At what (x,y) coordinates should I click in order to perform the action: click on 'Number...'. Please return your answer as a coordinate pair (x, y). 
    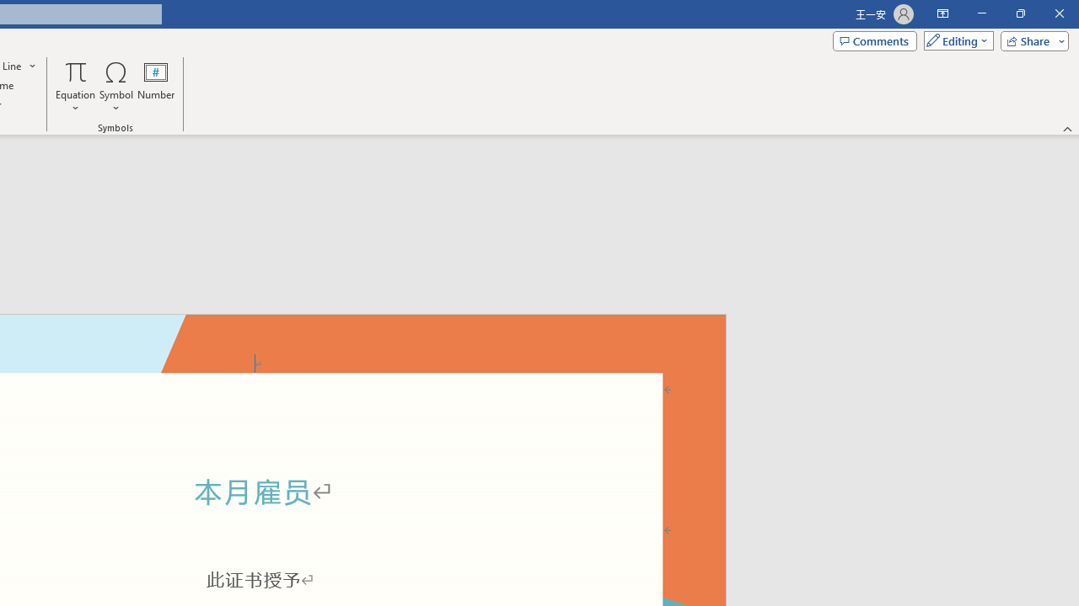
    Looking at the image, I should click on (156, 87).